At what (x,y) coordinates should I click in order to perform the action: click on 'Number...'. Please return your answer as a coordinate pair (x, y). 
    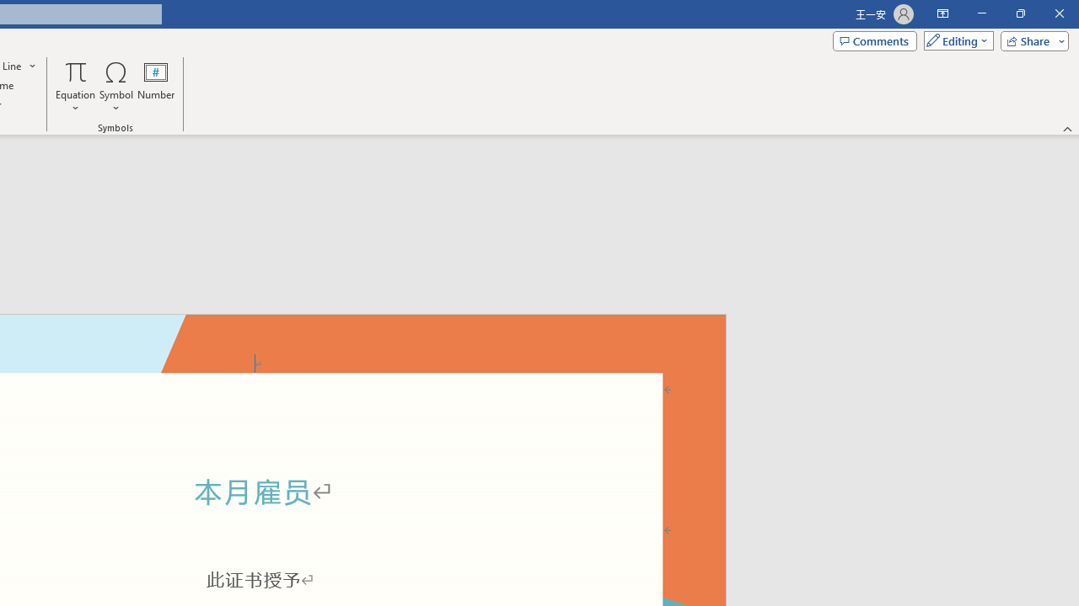
    Looking at the image, I should click on (156, 87).